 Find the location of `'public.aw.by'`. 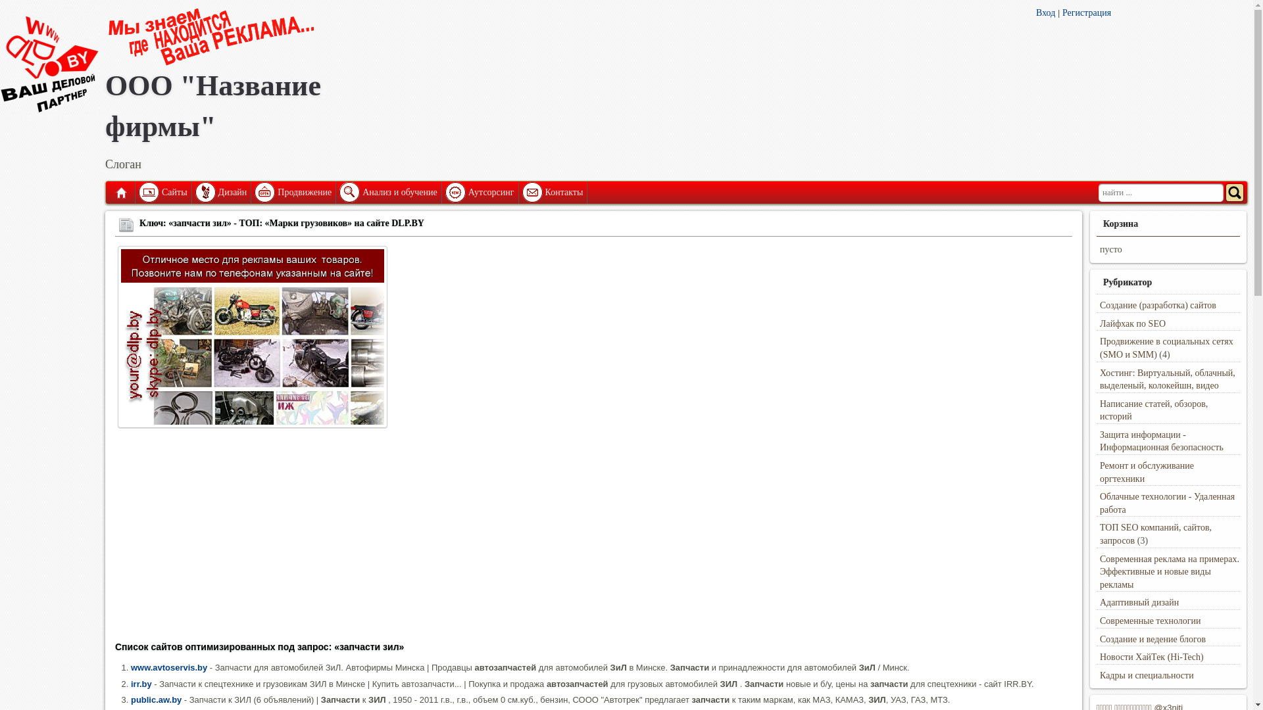

'public.aw.by' is located at coordinates (156, 699).